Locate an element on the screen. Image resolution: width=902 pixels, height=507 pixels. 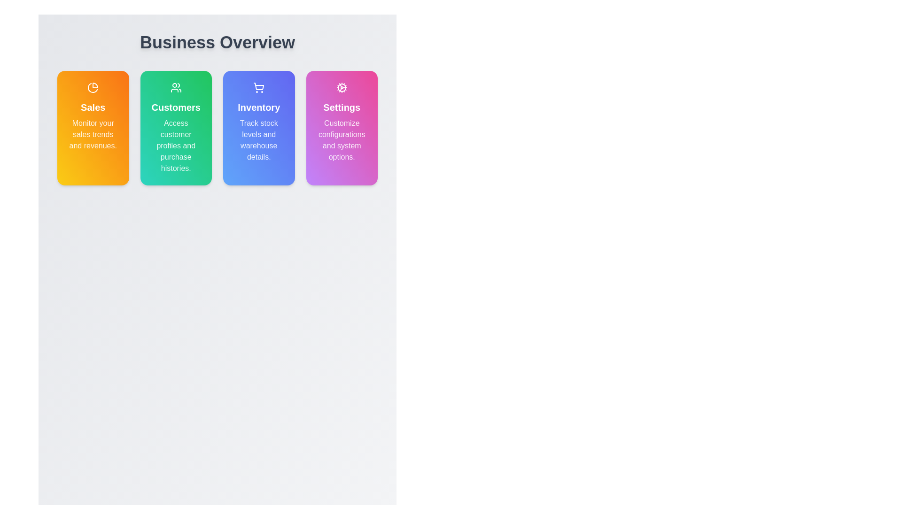
the 'Customers' informational card, which has a gradient background, rounded corners, and contains the text 'Customers' in bold white font is located at coordinates (176, 128).